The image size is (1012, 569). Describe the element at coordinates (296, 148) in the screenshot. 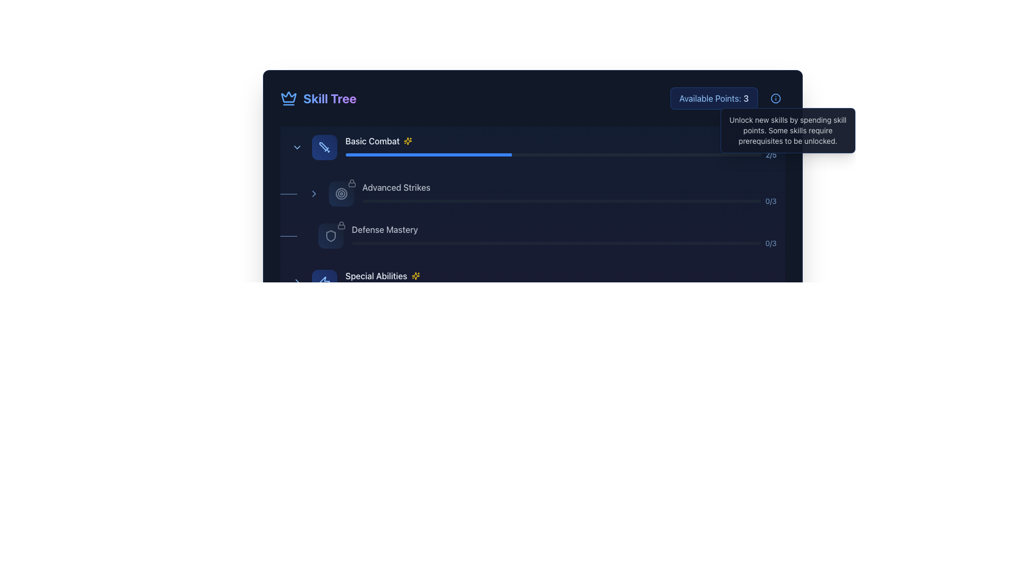

I see `the blue downward-pointing chevron icon indicating a dropdown for the 'Basic Combat' skill category in the Skill Tree interface` at that location.